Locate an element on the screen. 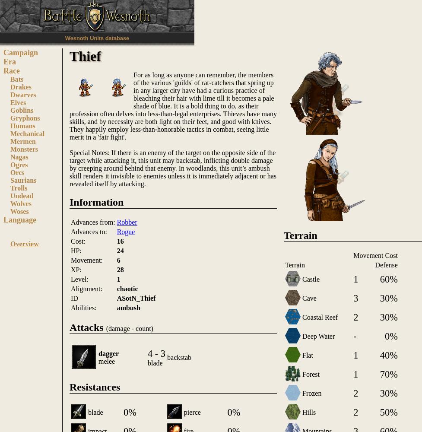  '16' is located at coordinates (116, 241).